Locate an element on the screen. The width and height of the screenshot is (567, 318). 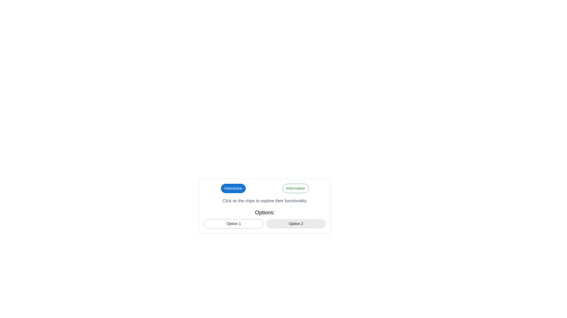
the 'Option 1' chip component is located at coordinates (233, 223).